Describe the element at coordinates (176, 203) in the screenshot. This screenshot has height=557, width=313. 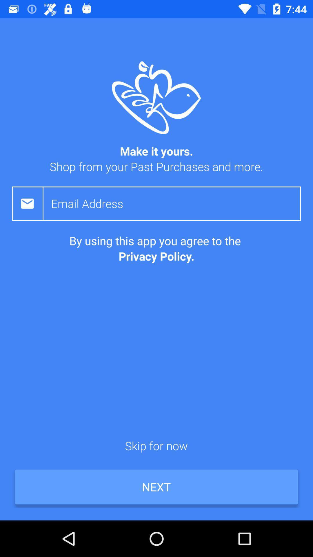
I see `email` at that location.